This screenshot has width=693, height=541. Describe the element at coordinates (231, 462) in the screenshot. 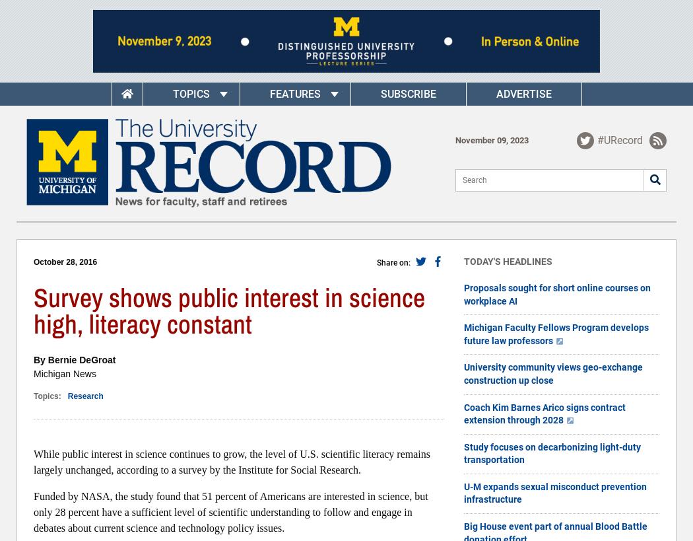

I see `'While public interest in science continues to grow, the level of U.S. scientific literacy remains largely unchanged, according to a survey by the Institute for Social Research.'` at that location.